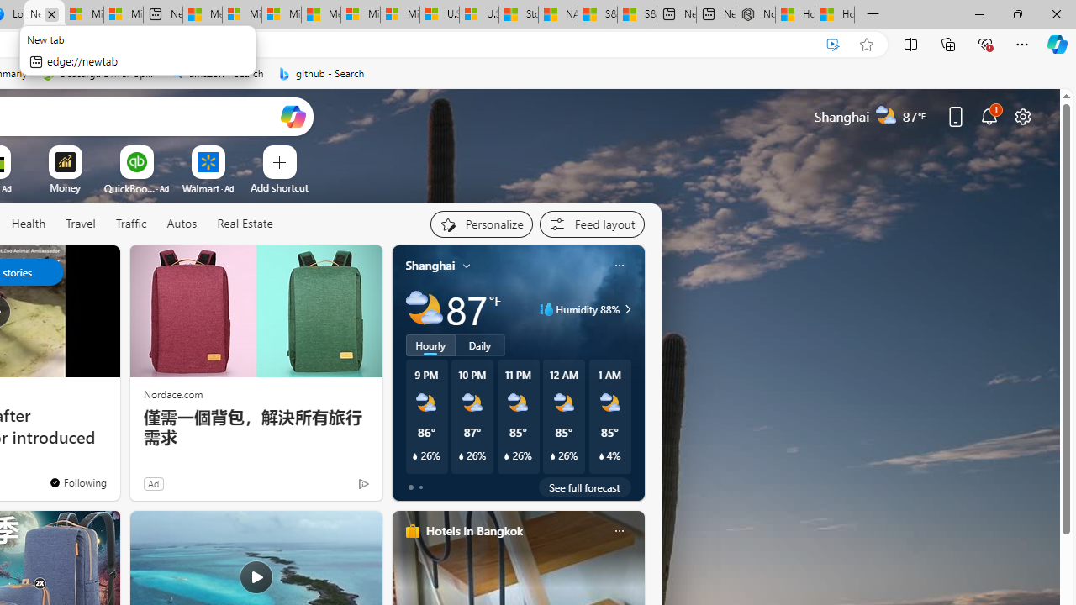  Describe the element at coordinates (321, 73) in the screenshot. I see `'github - Search'` at that location.